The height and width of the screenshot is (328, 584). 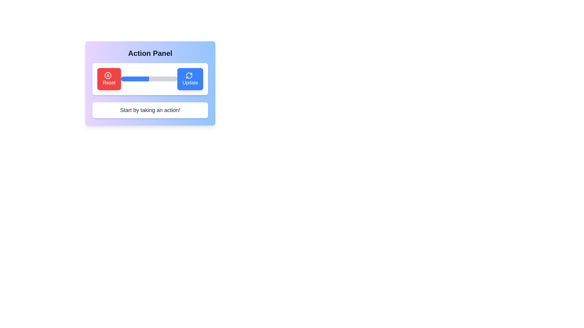 What do you see at coordinates (150, 96) in the screenshot?
I see `the buttons labeled 'Reset' and 'Update' in the 'Action Panel' to trigger visual feedback` at bounding box center [150, 96].